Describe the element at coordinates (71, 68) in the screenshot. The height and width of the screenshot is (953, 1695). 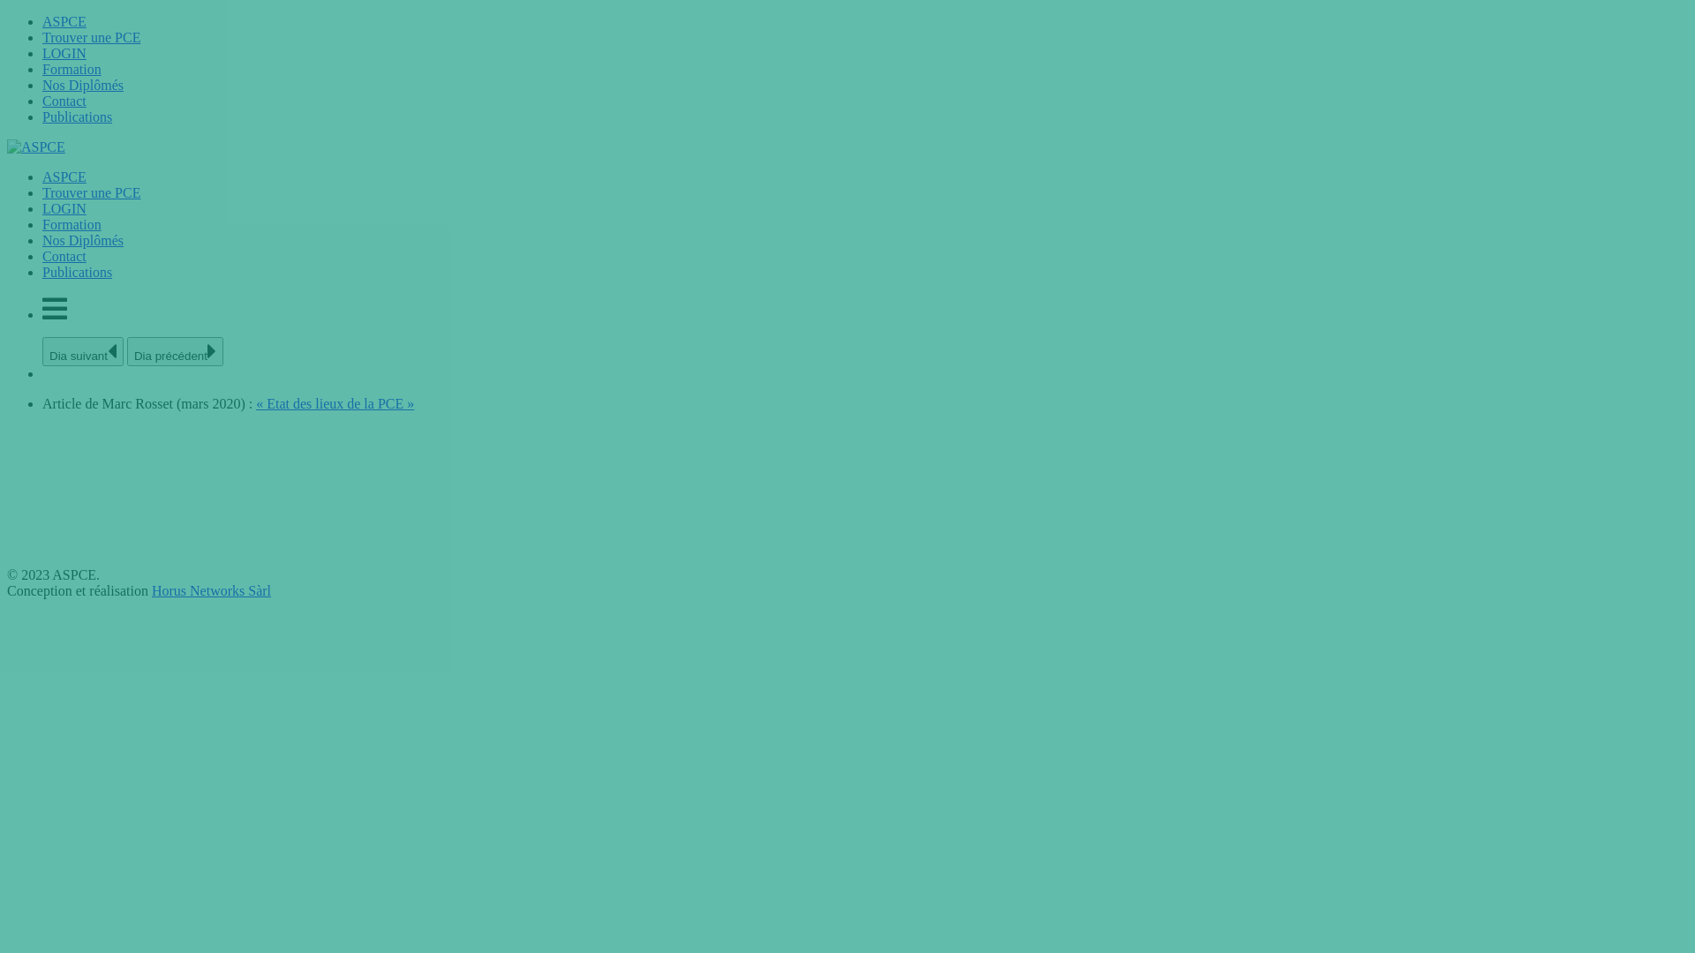
I see `'Formation'` at that location.